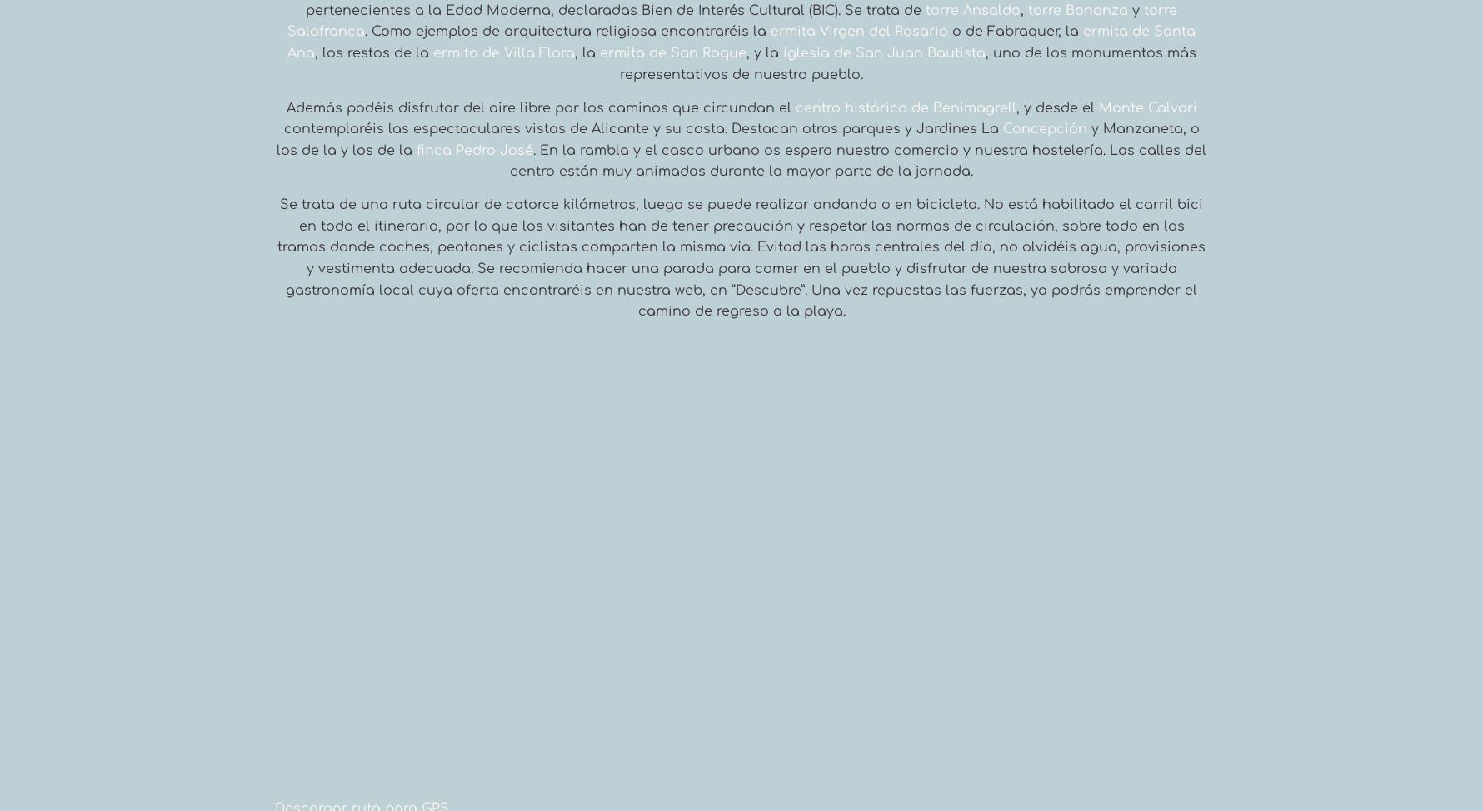 This screenshot has width=1483, height=811. Describe the element at coordinates (373, 52) in the screenshot. I see `', los restos de la'` at that location.